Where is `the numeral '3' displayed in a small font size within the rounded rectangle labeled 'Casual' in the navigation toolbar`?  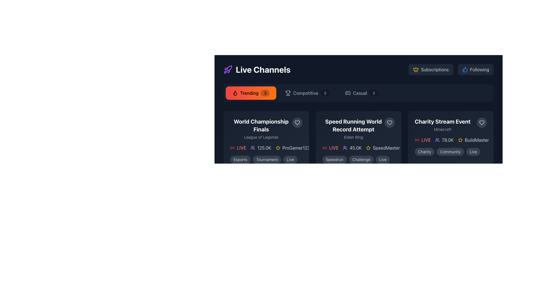
the numeral '3' displayed in a small font size within the rounded rectangle labeled 'Casual' in the navigation toolbar is located at coordinates (374, 93).